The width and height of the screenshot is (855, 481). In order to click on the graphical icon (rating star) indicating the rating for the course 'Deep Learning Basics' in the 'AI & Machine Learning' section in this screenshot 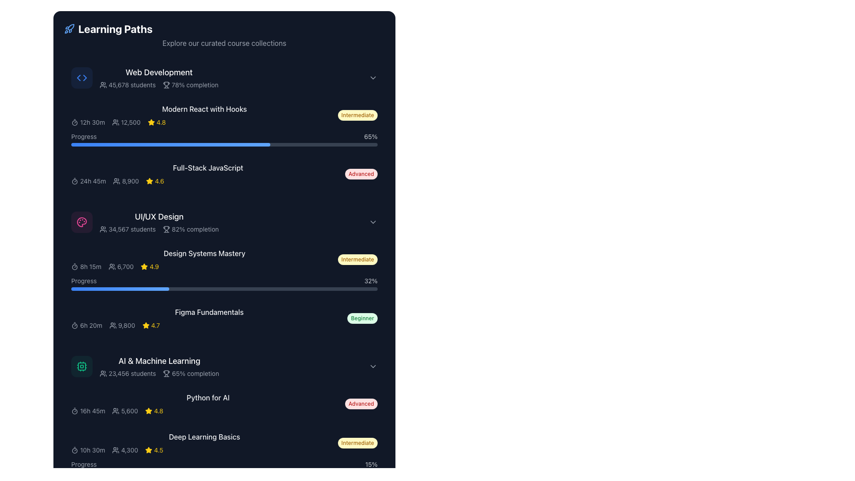, I will do `click(149, 450)`.